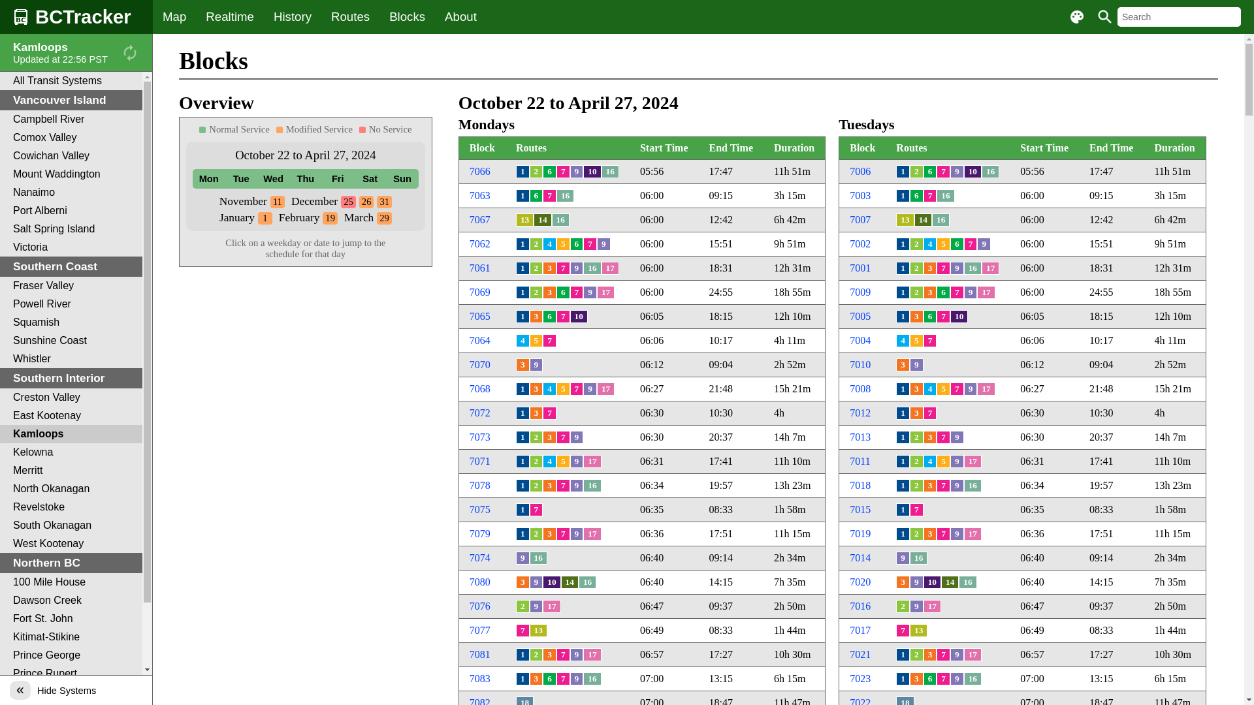  I want to click on '7', so click(563, 654).